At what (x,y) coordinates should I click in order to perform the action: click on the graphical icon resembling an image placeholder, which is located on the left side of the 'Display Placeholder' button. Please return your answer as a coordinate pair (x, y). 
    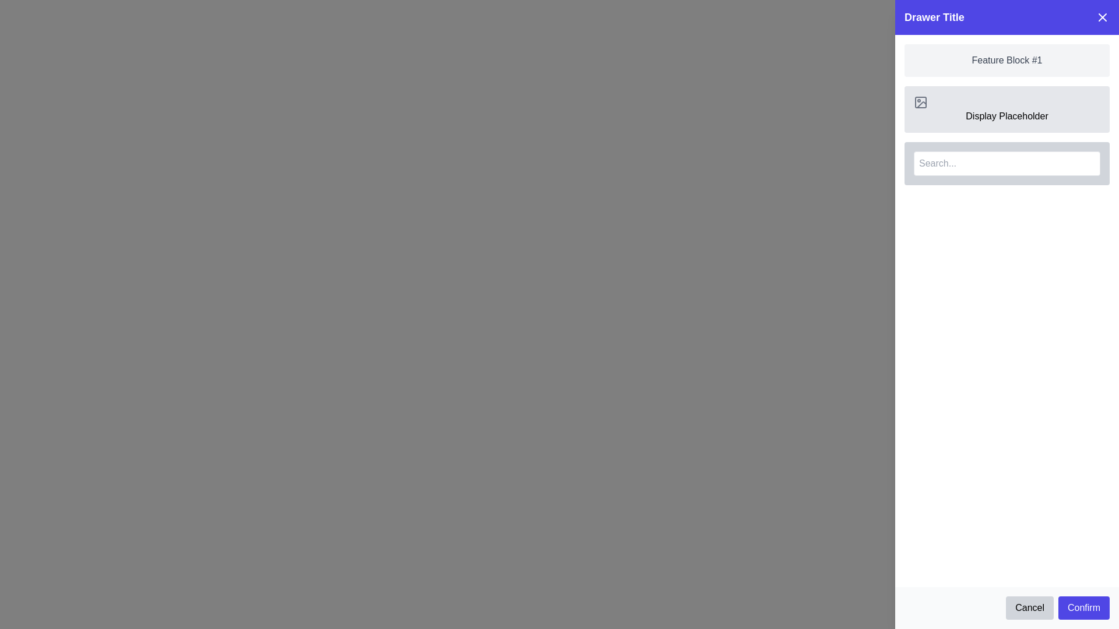
    Looking at the image, I should click on (920, 102).